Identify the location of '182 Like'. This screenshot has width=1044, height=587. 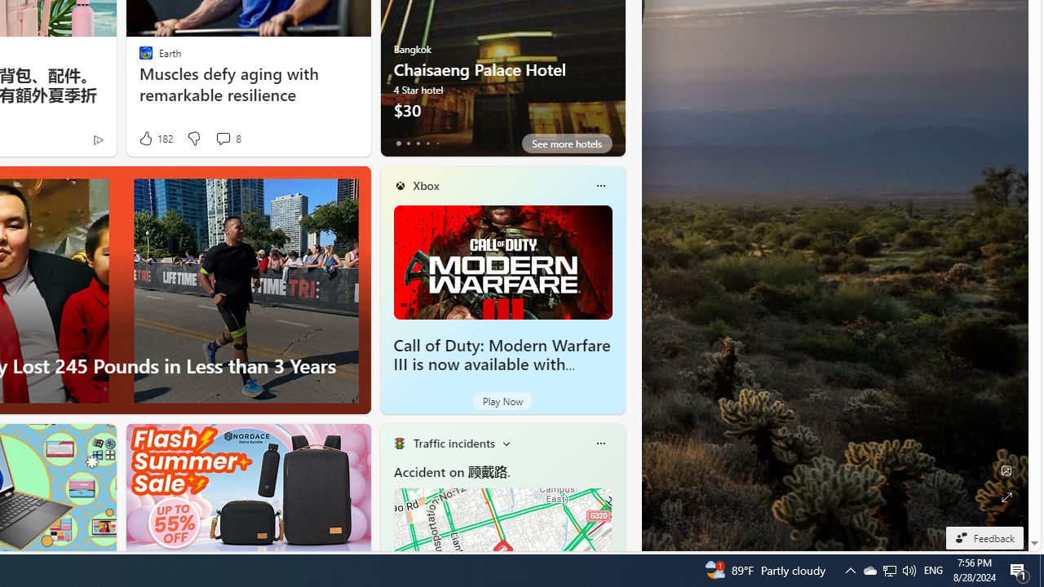
(155, 138).